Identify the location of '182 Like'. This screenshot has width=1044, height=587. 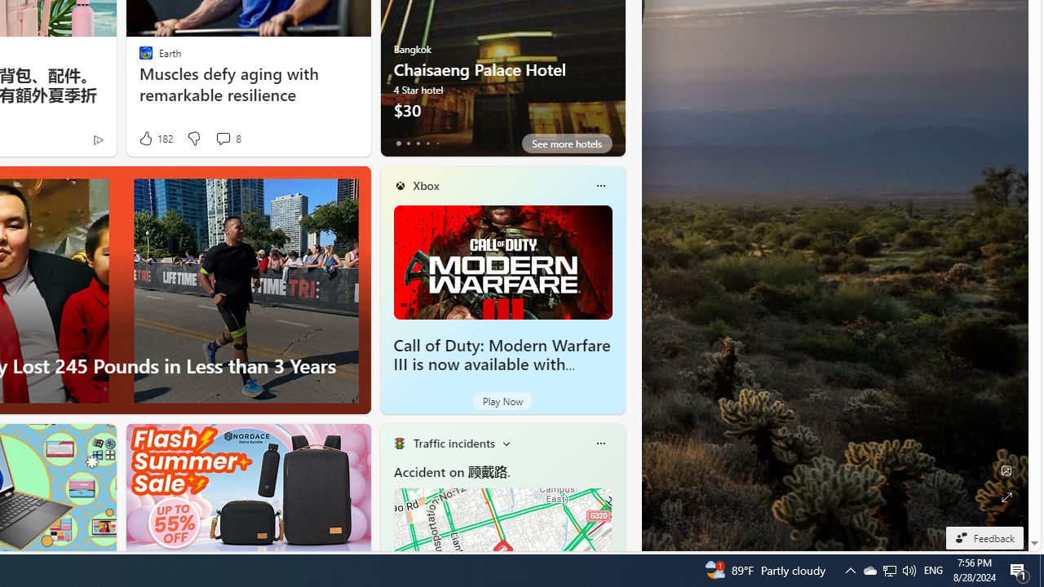
(155, 138).